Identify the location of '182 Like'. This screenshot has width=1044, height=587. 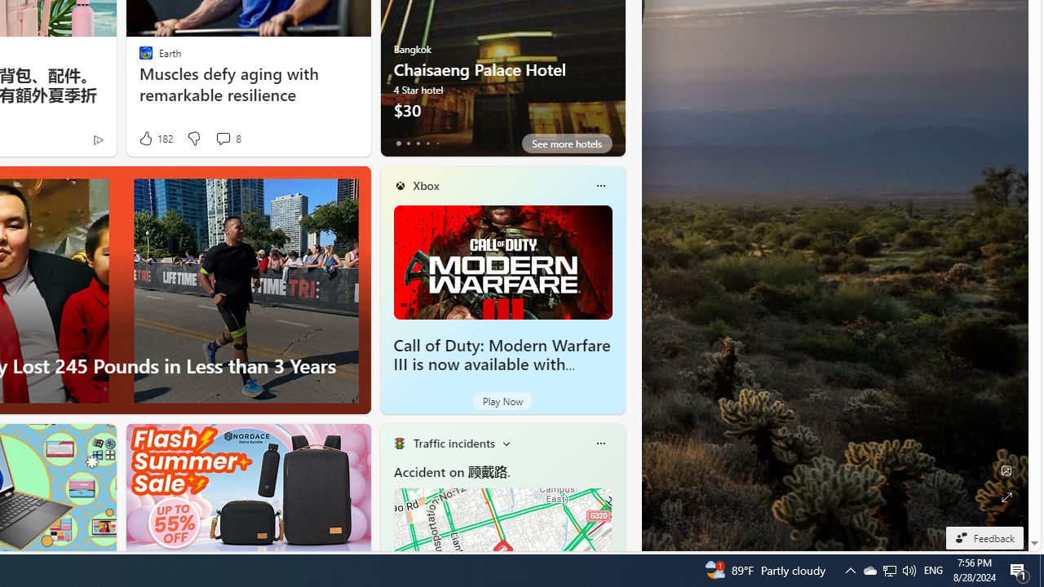
(155, 138).